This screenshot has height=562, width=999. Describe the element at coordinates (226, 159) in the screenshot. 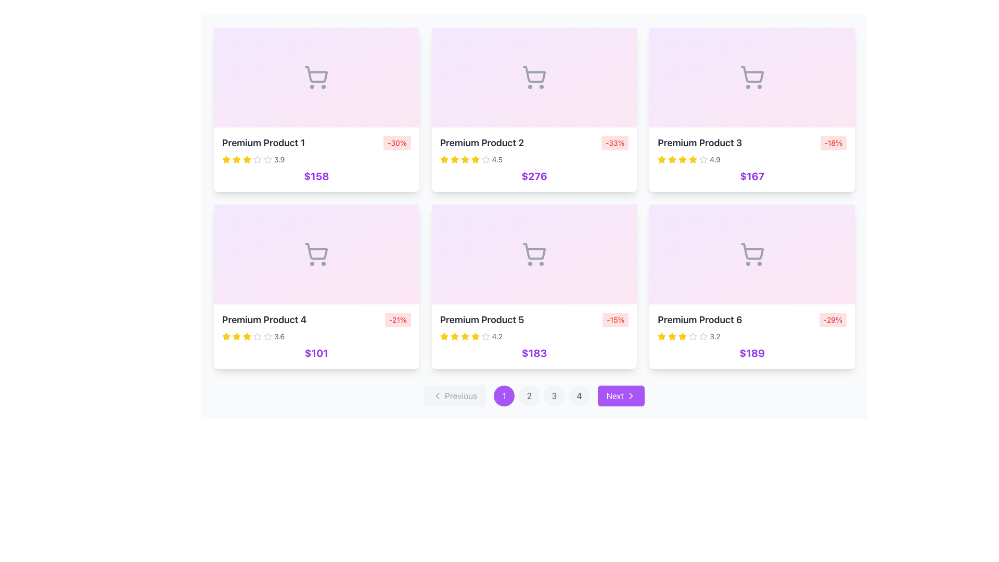

I see `the first star icon indicating a portion of the rating for 'Premium Product 1' located in the top-left card of the product grid` at that location.